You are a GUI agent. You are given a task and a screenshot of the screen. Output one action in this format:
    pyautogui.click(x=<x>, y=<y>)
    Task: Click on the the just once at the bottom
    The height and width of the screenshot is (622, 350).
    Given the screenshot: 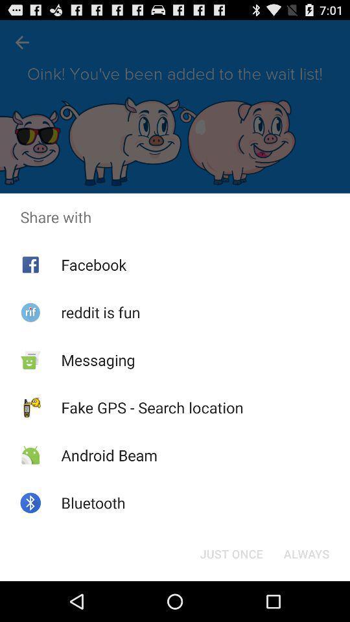 What is the action you would take?
    pyautogui.click(x=231, y=553)
    